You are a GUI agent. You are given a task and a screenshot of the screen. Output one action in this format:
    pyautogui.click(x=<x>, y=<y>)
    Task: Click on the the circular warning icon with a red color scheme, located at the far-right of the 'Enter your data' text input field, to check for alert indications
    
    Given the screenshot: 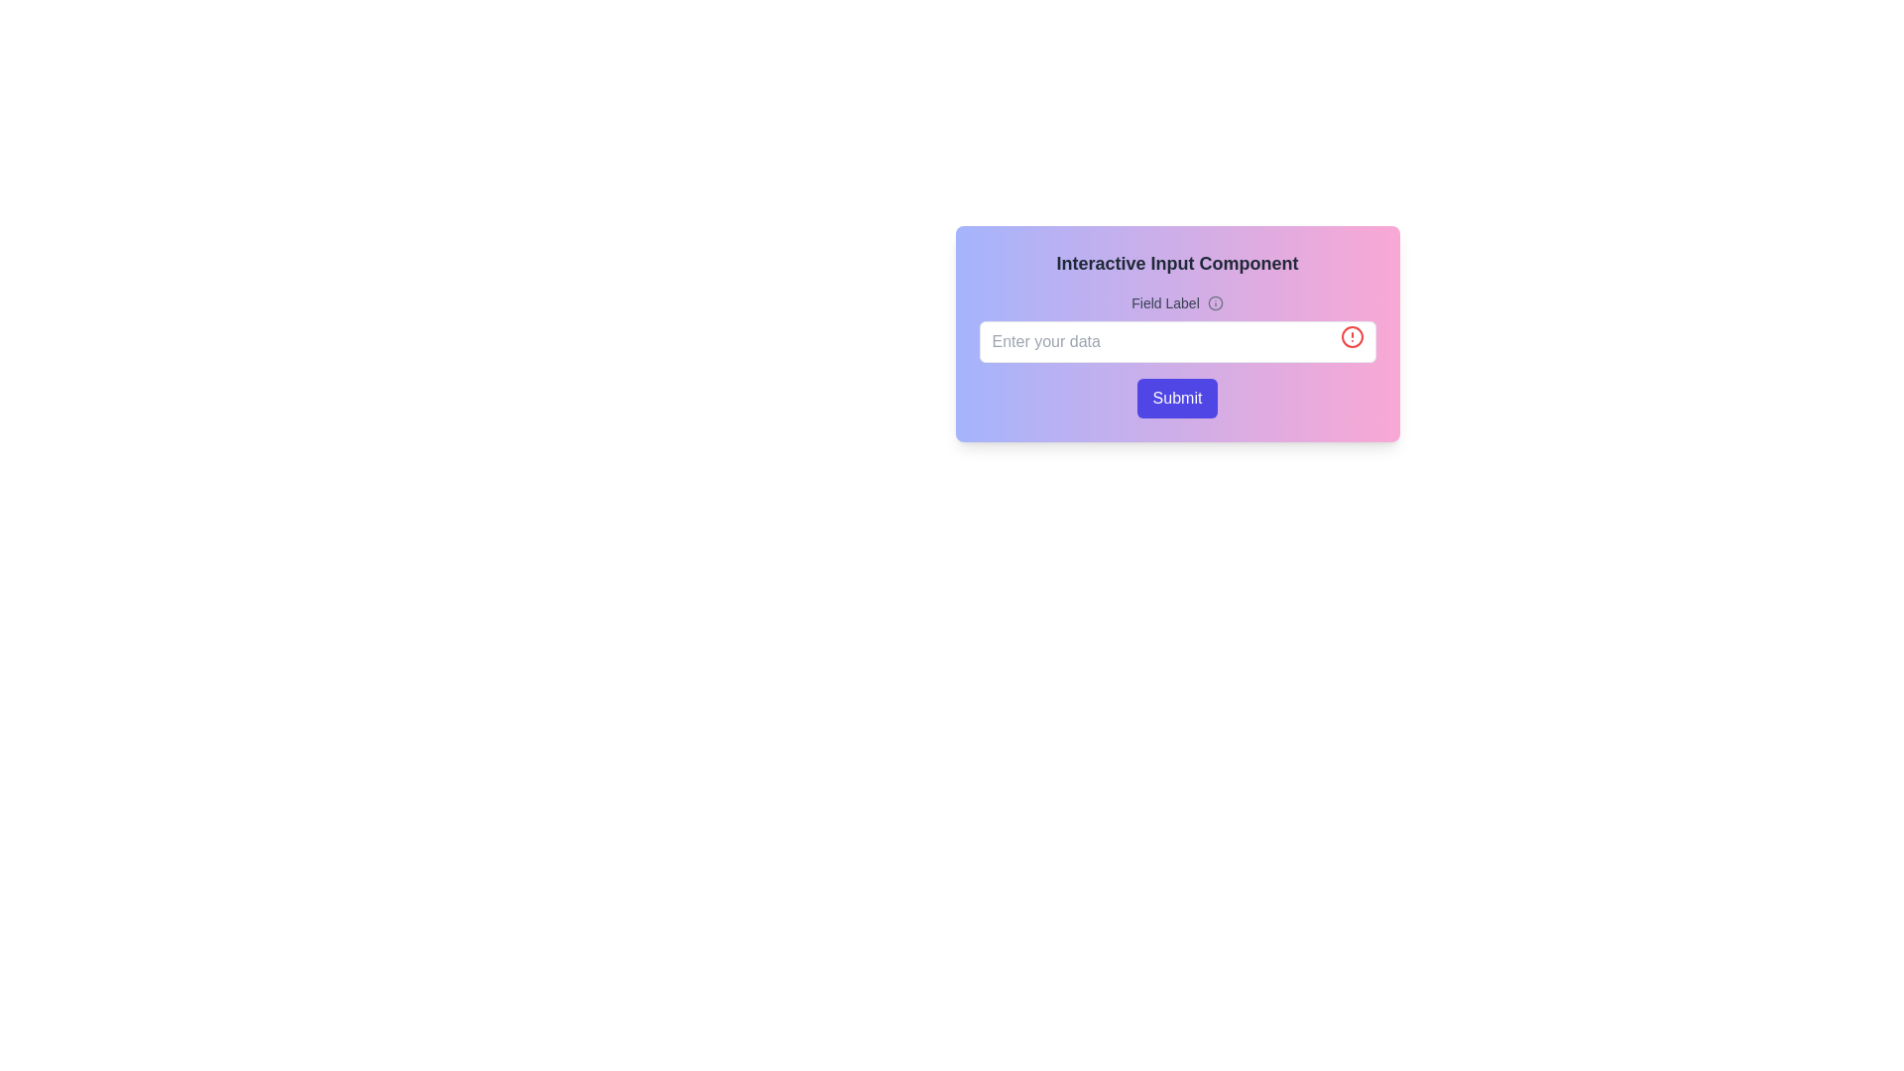 What is the action you would take?
    pyautogui.click(x=1351, y=335)
    